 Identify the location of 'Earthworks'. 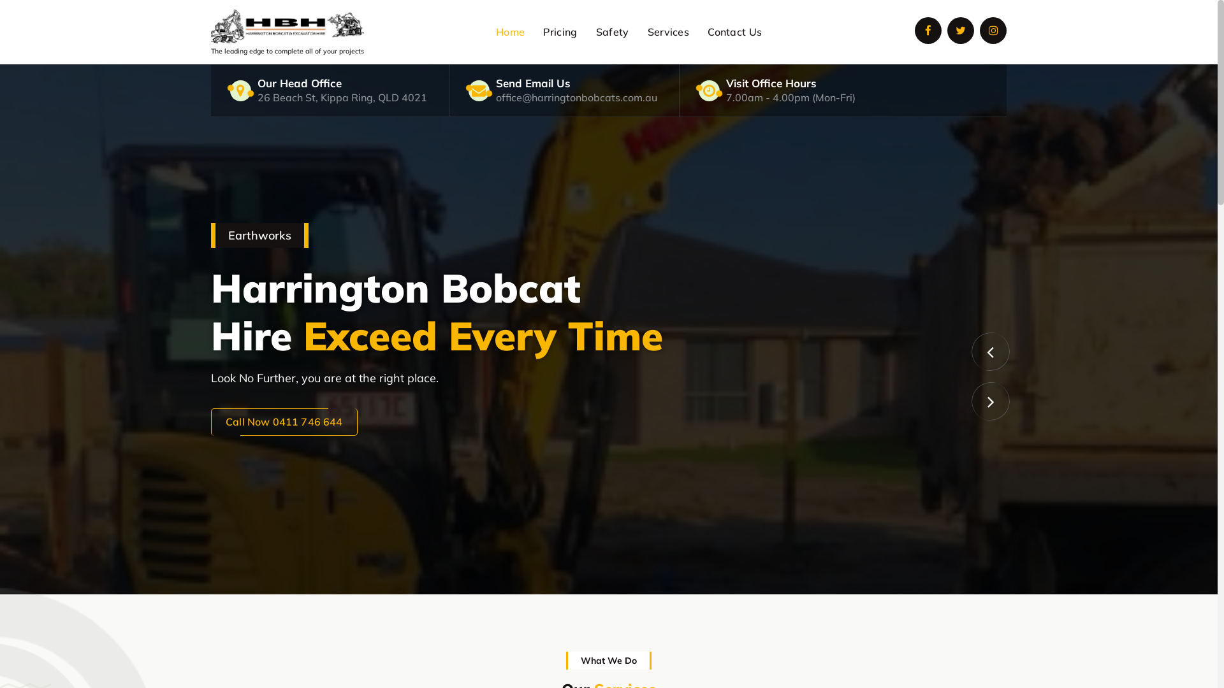
(608, 328).